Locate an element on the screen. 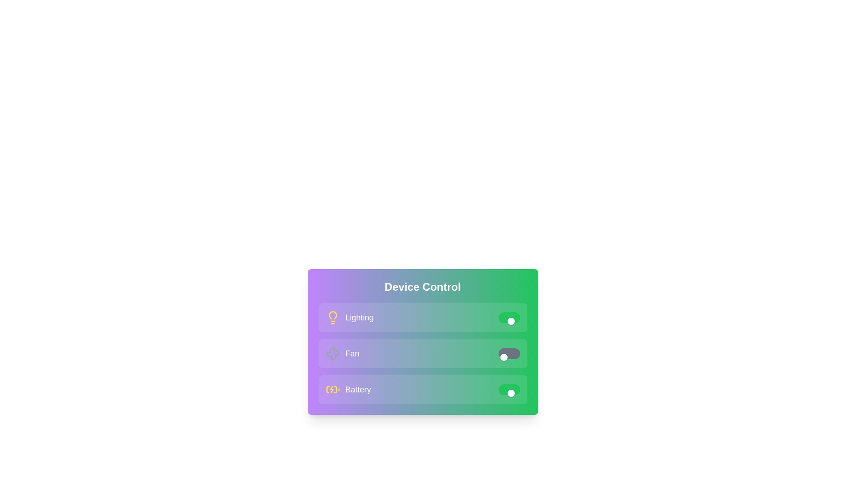 The image size is (864, 486). the icon representing Battery is located at coordinates (332, 389).